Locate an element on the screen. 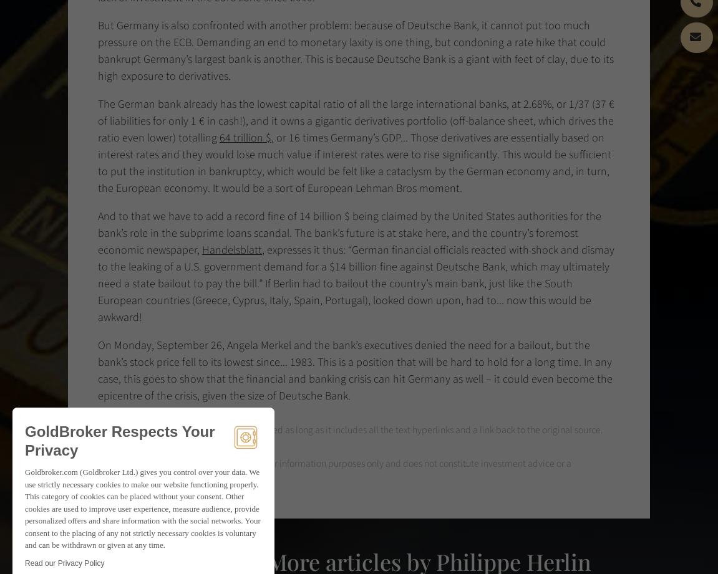  'The information contained in this article is for information purposes only and does not constitute investment advice or a recommendation to buy or sell.' is located at coordinates (334, 472).